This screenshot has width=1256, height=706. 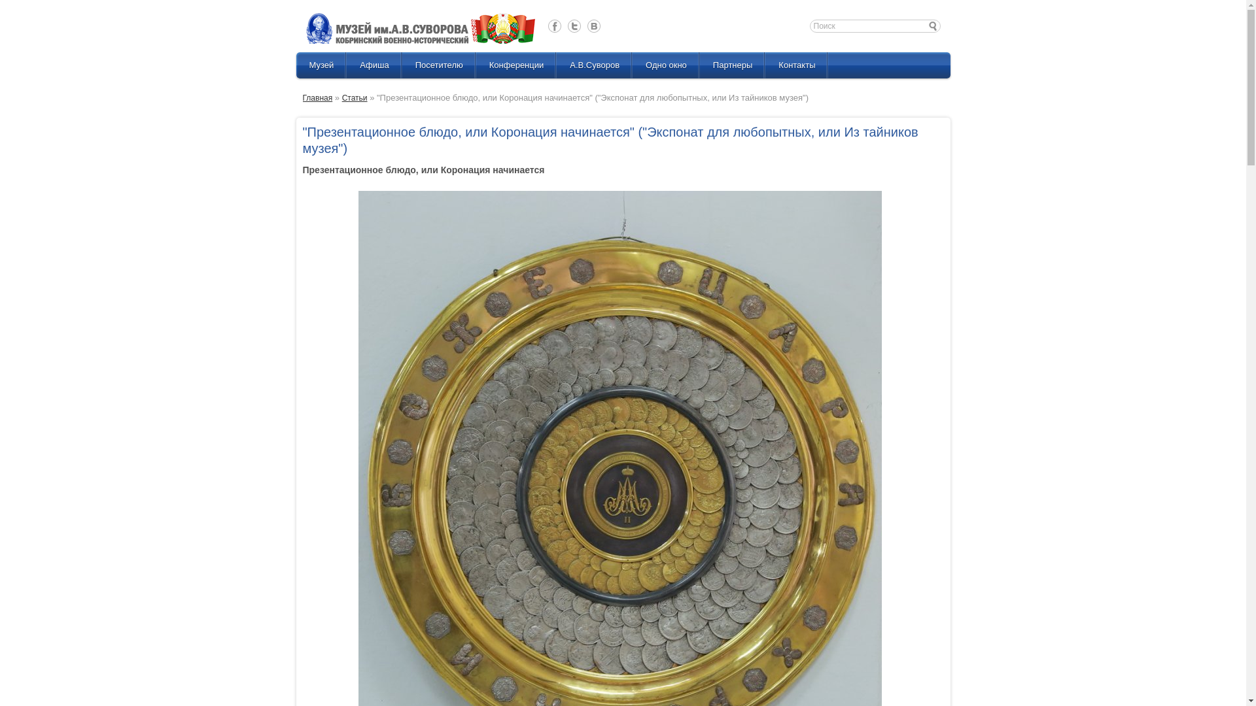 What do you see at coordinates (555, 25) in the screenshot?
I see `'Facebook'` at bounding box center [555, 25].